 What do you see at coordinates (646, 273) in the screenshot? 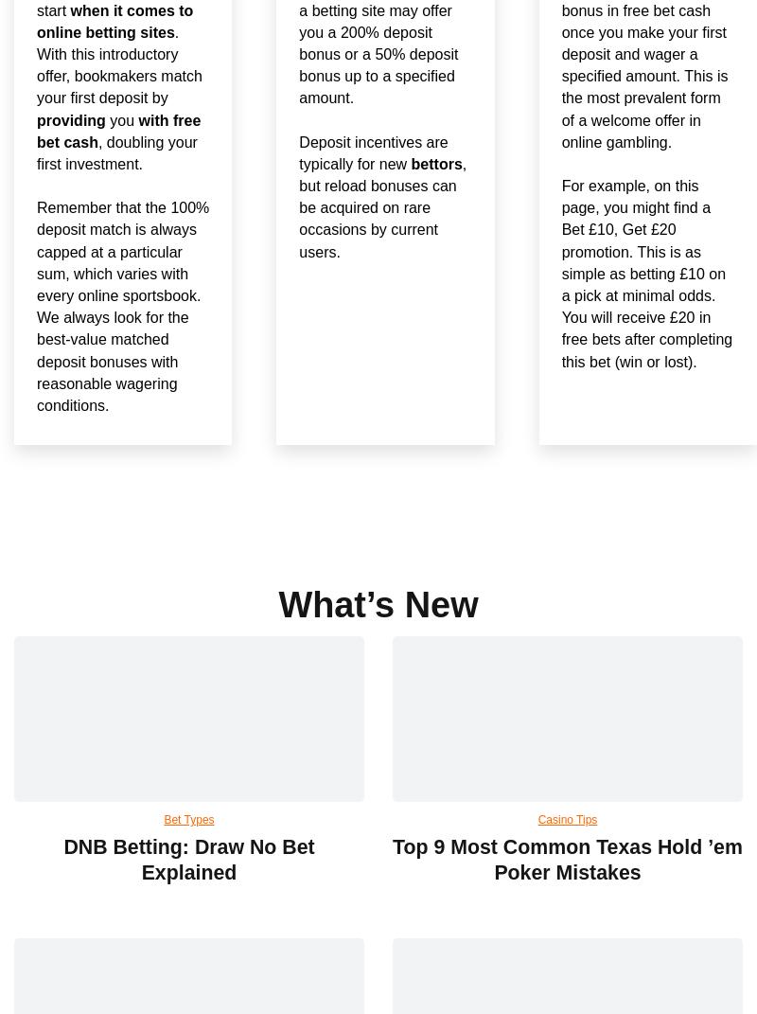
I see `'For example, on this page, you might find a Bet £10, Get £20 promotion. This is as simple as betting £10 on a pick at minimal odds. You will receive £20 in free bets after completing this bet (win or lost).'` at bounding box center [646, 273].